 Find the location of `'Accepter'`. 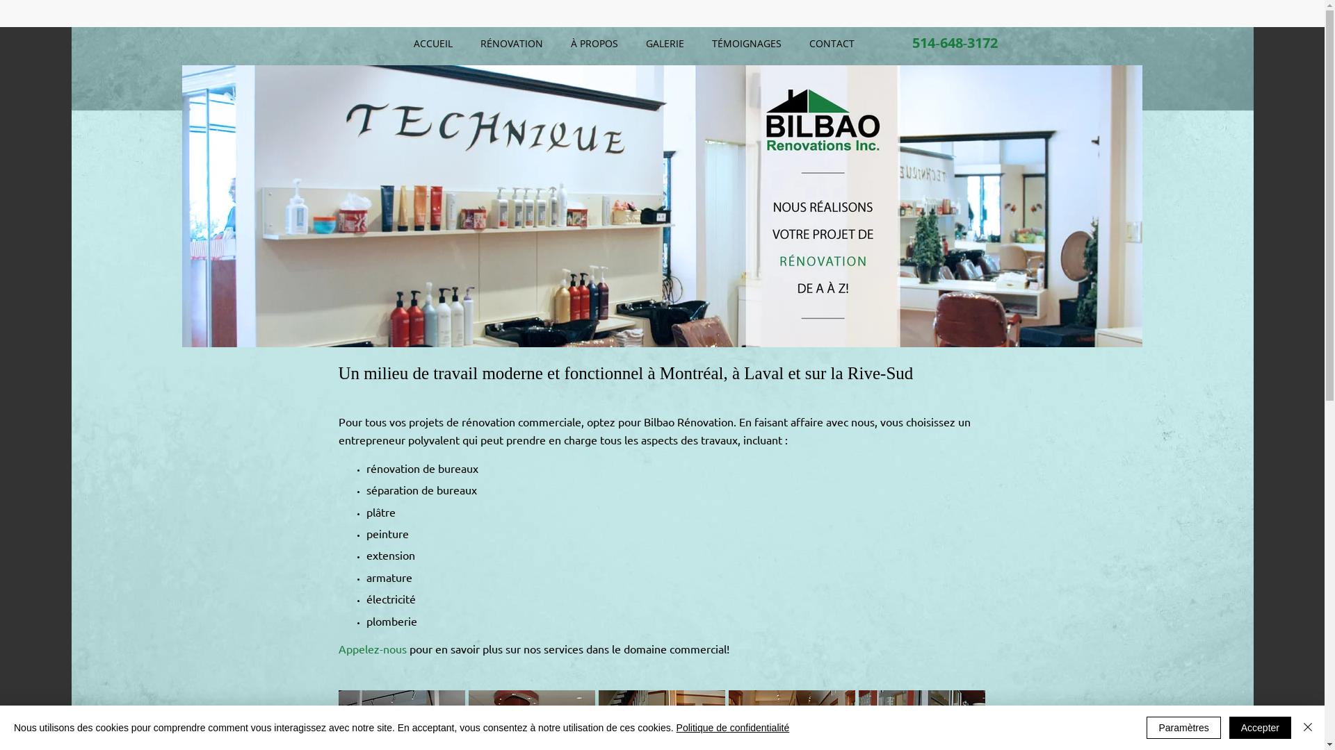

'Accepter' is located at coordinates (1260, 727).